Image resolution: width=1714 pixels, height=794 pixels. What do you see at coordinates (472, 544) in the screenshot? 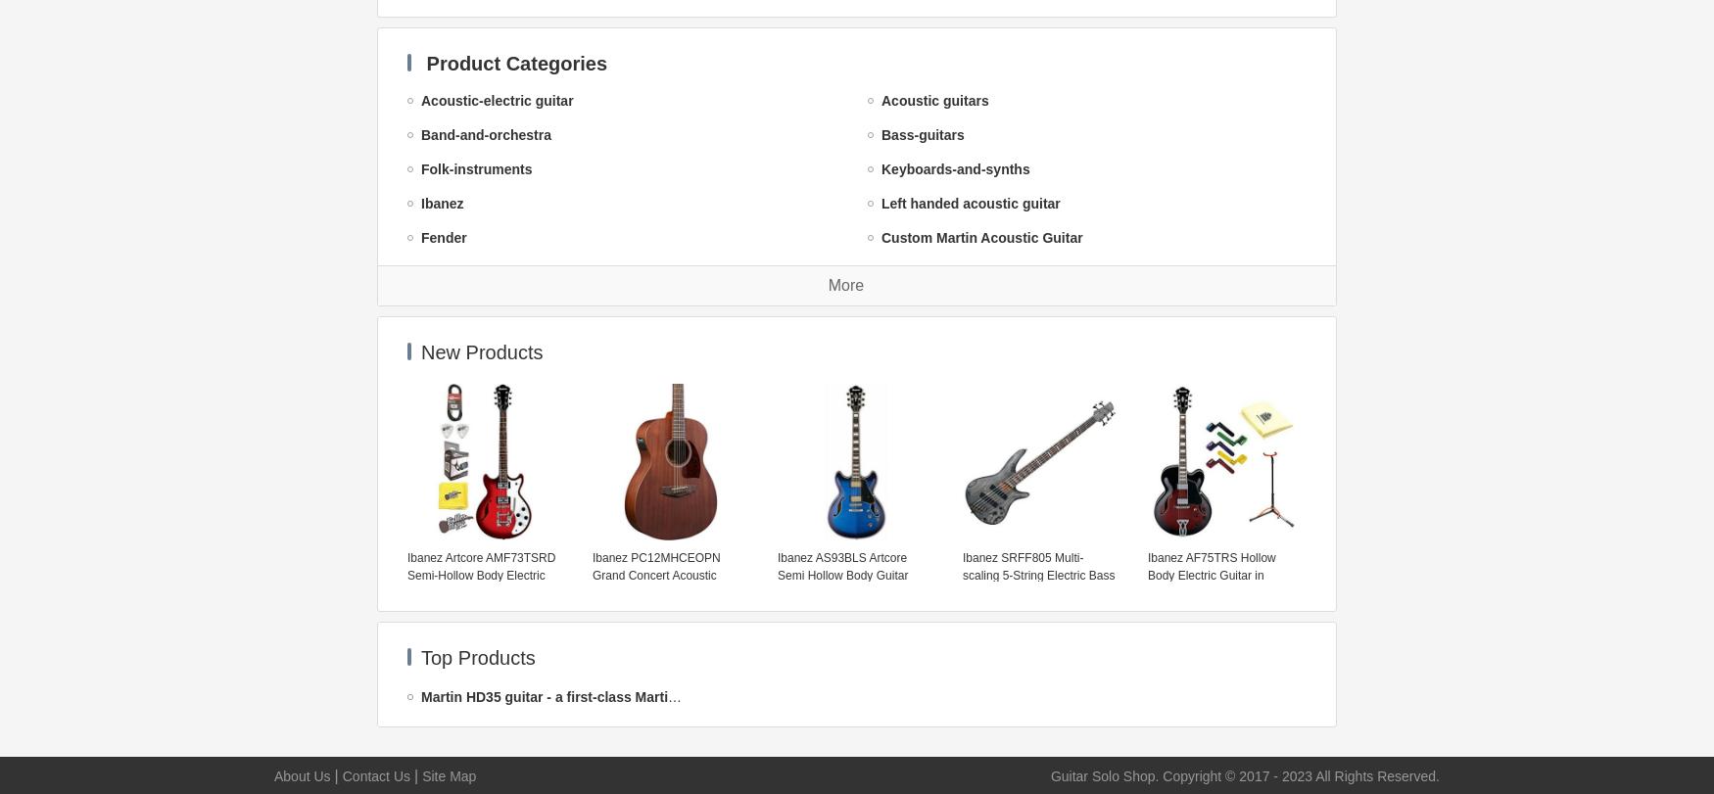
I see `'Mayones Guitar'` at bounding box center [472, 544].